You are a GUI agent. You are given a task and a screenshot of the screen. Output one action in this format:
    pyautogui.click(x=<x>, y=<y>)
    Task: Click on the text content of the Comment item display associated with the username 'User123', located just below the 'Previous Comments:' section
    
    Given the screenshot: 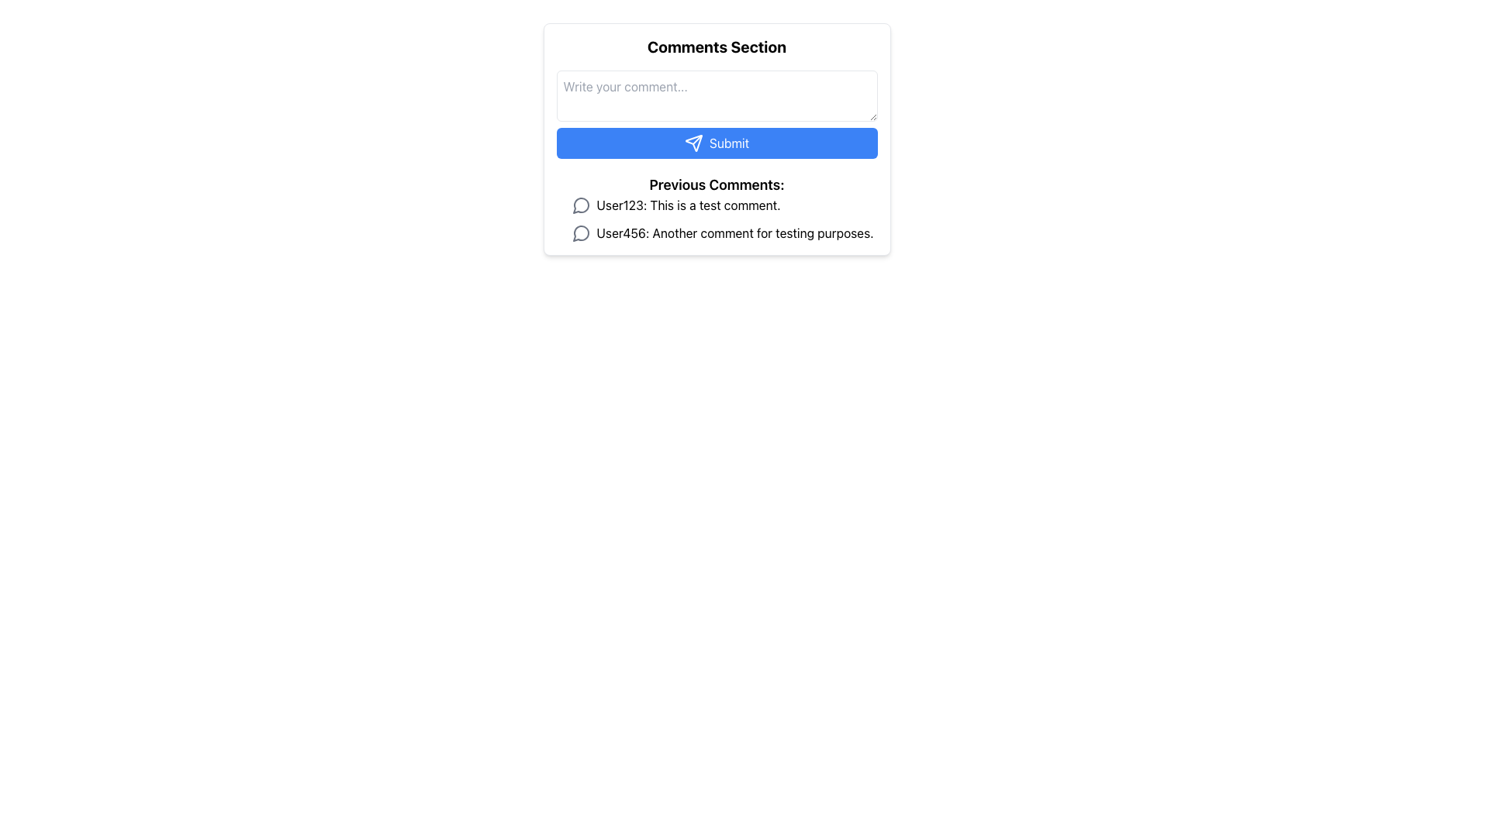 What is the action you would take?
    pyautogui.click(x=724, y=205)
    